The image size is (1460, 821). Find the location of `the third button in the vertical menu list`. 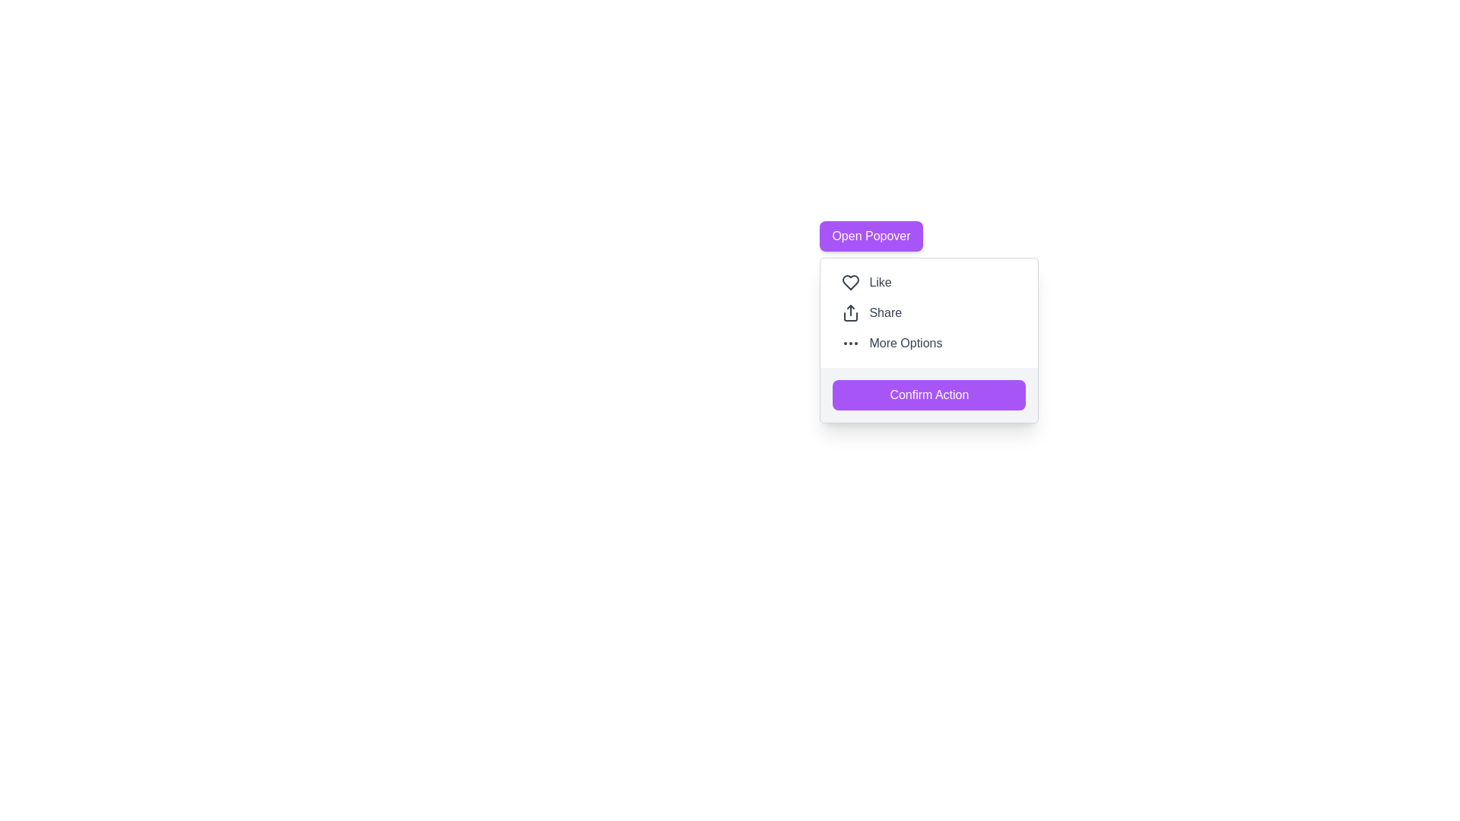

the third button in the vertical menu list is located at coordinates (928, 343).